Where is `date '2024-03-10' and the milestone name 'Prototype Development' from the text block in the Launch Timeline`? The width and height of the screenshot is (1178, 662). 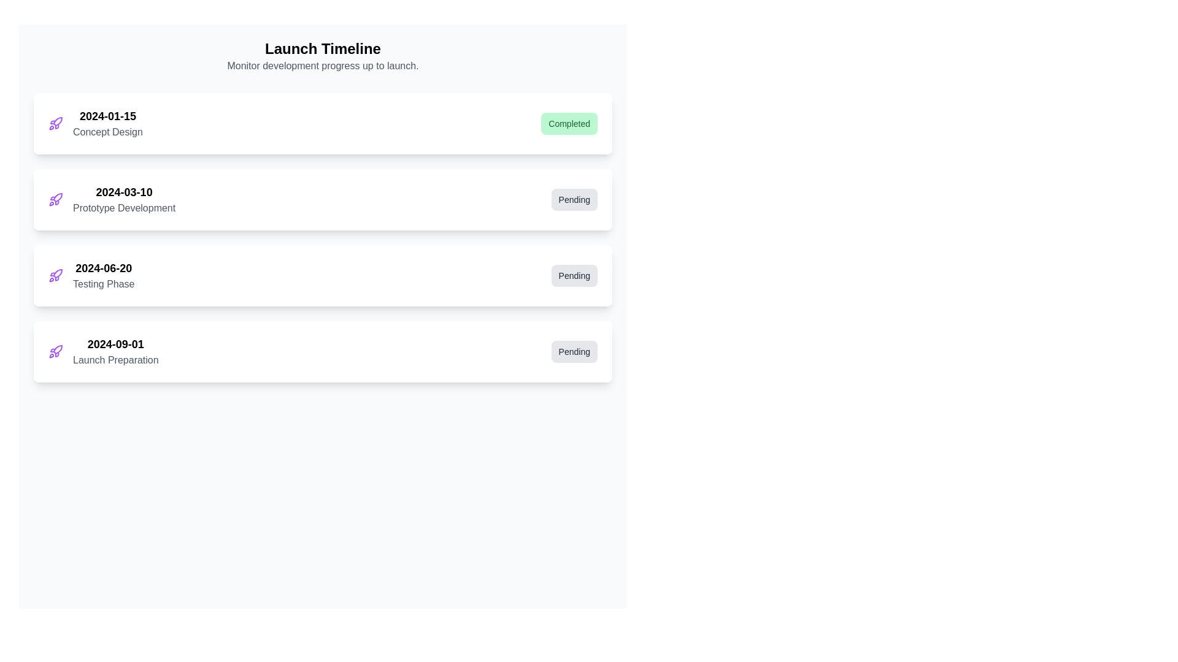 date '2024-03-10' and the milestone name 'Prototype Development' from the text block in the Launch Timeline is located at coordinates (124, 199).